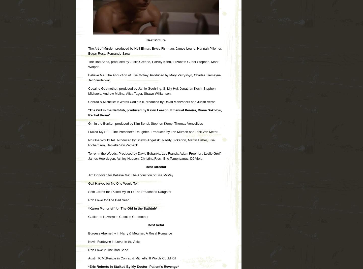 This screenshot has width=363, height=269. I want to click on 'Best Picture', so click(156, 40).